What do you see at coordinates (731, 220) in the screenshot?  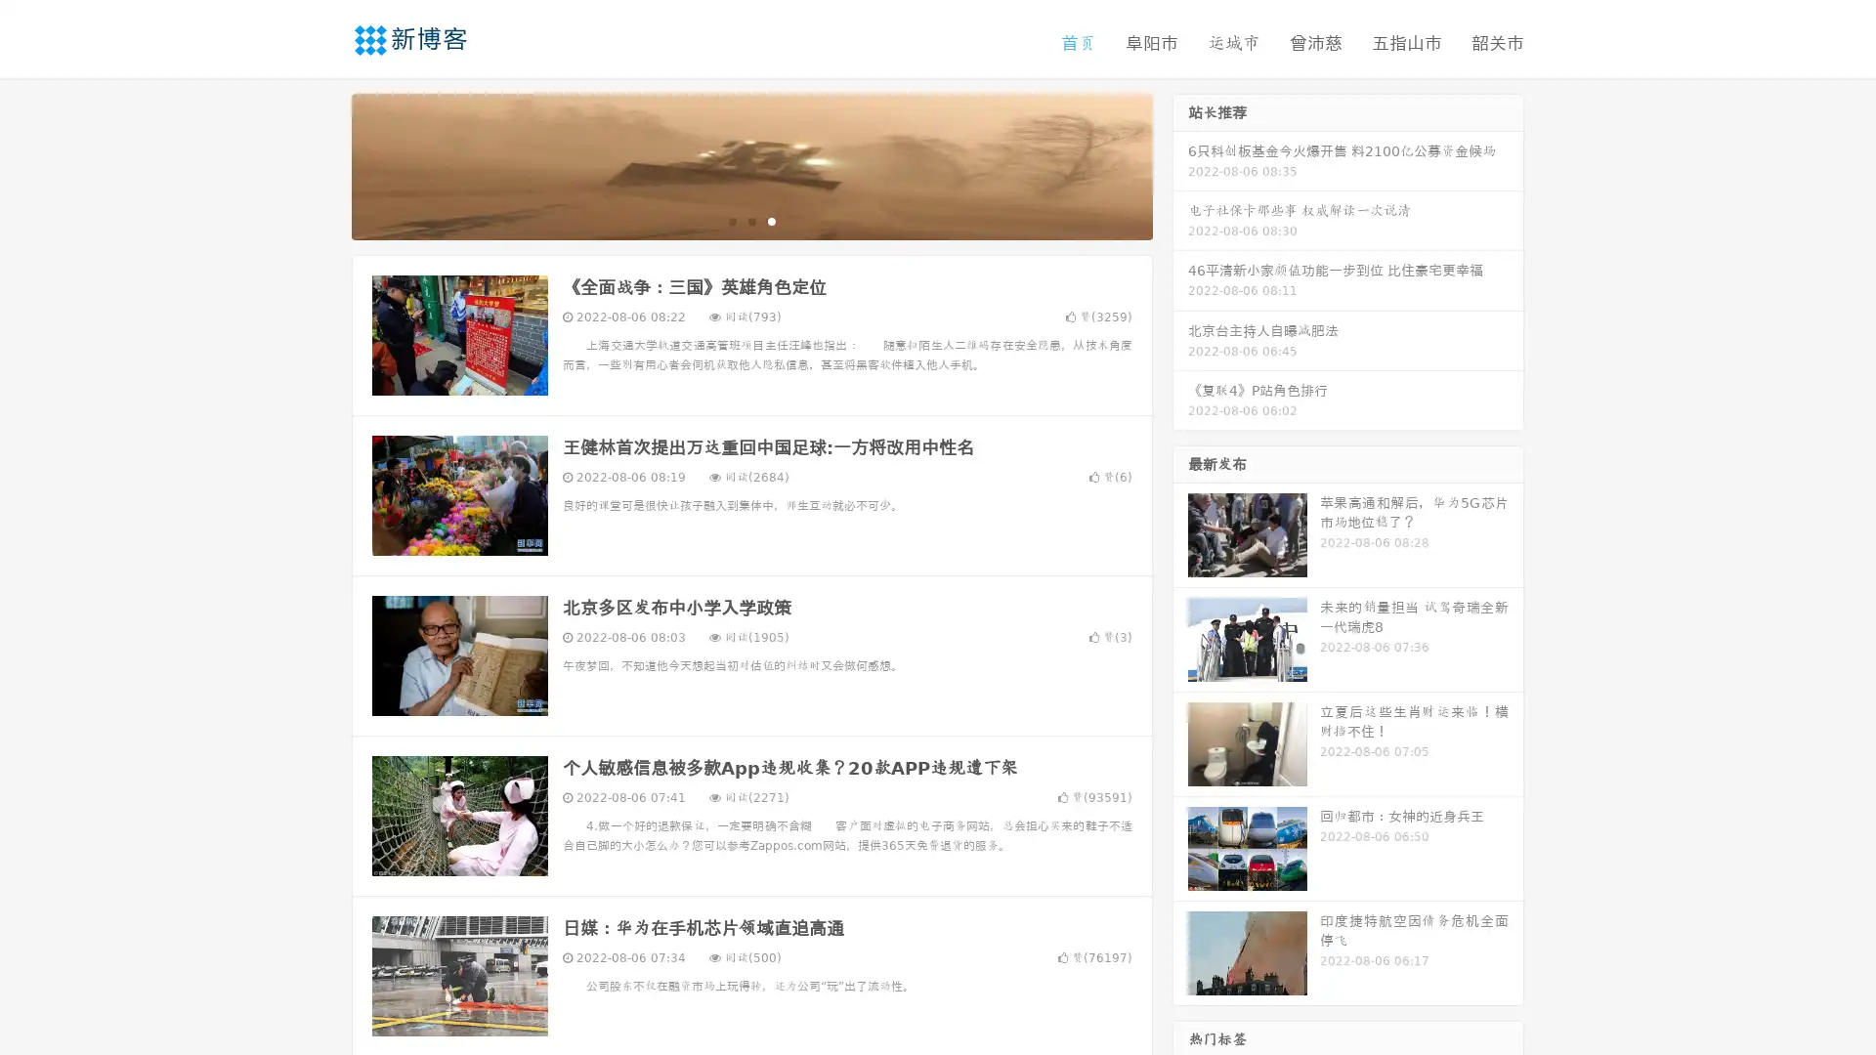 I see `Go to slide 1` at bounding box center [731, 220].